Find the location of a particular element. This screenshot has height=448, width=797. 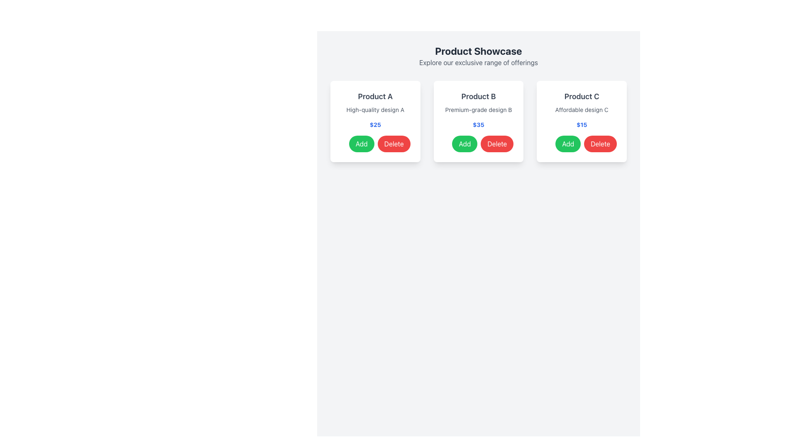

the price label displaying '$35' in bold blue font, located in the middle card of a grid, positioned below the product description and above the action buttons for 'Add' and 'Delete' is located at coordinates (478, 124).